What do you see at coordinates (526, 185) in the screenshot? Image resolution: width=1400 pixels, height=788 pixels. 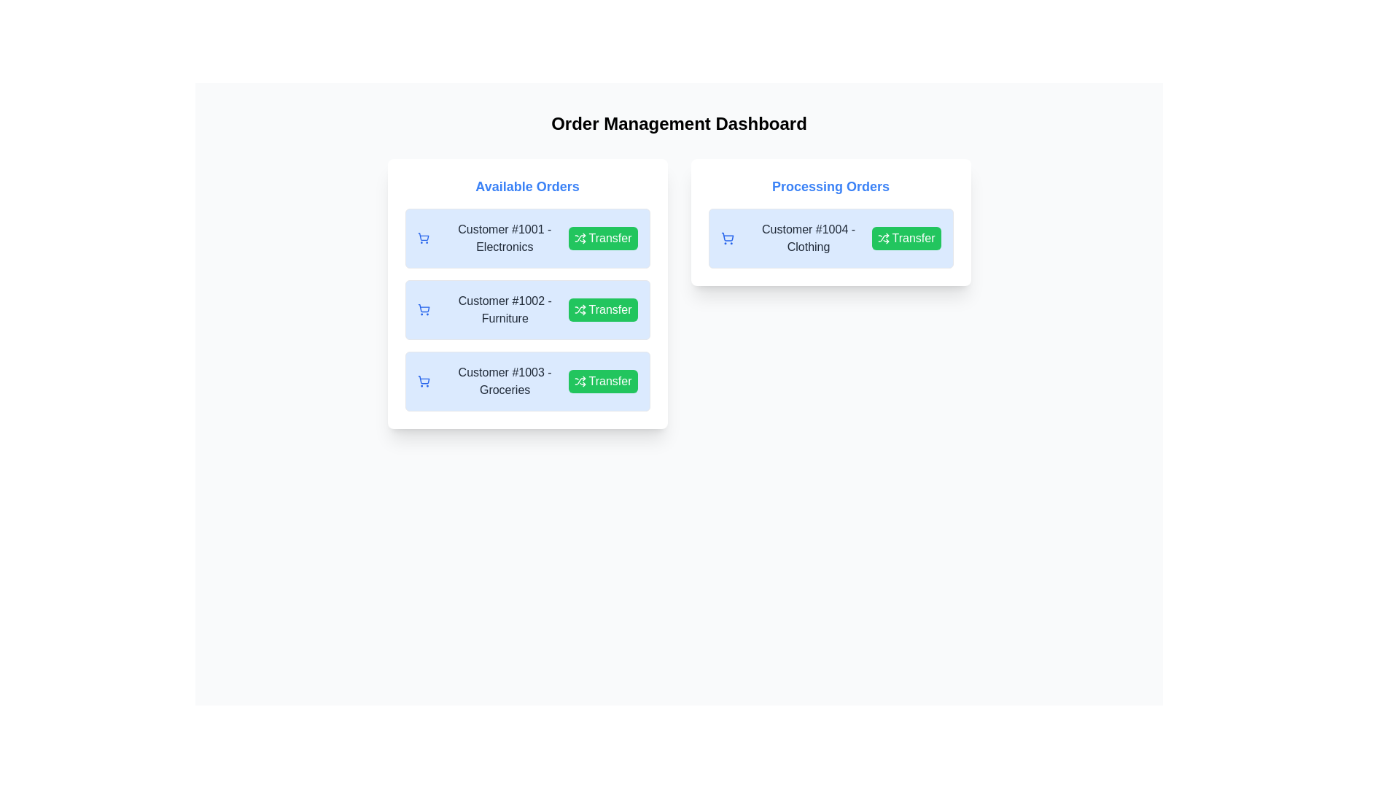 I see `the text label that serves as a title for the section containing available orders, located at the top of a card component on the left side of the application interface` at bounding box center [526, 185].